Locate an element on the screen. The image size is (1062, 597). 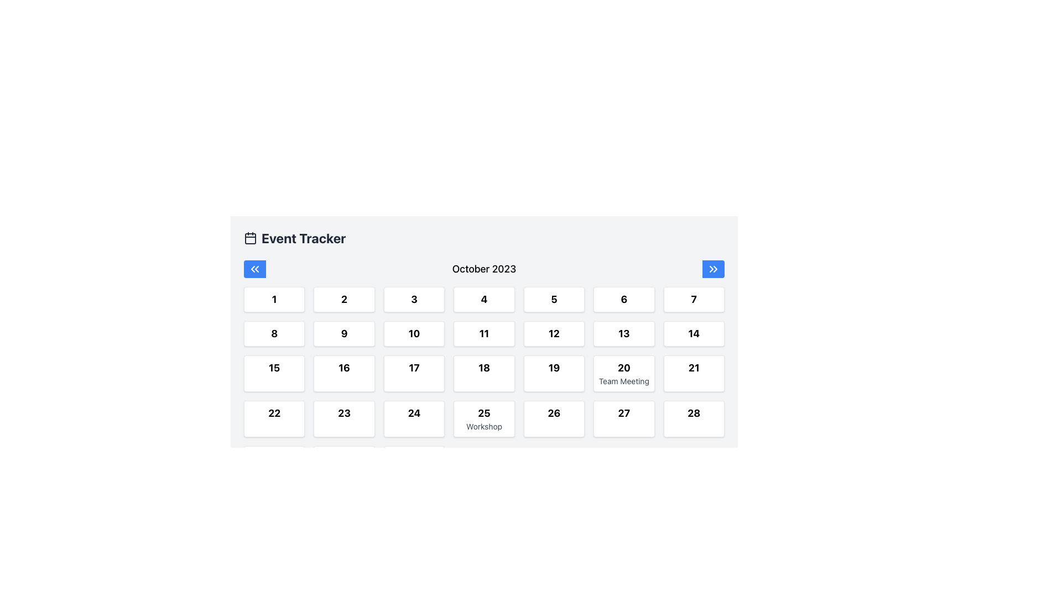
the calendar day box displaying the number '6' is located at coordinates (624, 300).